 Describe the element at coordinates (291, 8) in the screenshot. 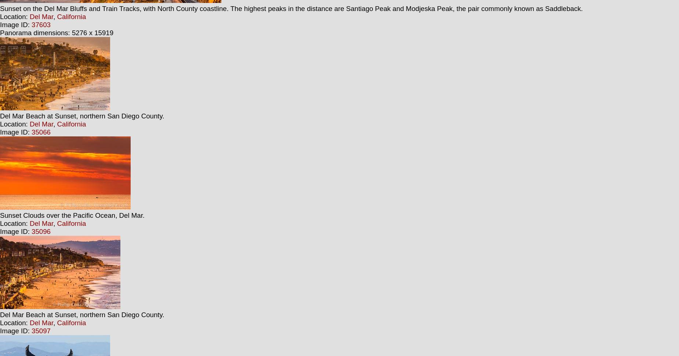

I see `'Sunset on the Del Mar Bluffs and Train Tracks, with North County coastline. The highest peaks in the distance are Santiago Peak and Modjeska Peak, the pair commonly known as Saddleback.'` at that location.